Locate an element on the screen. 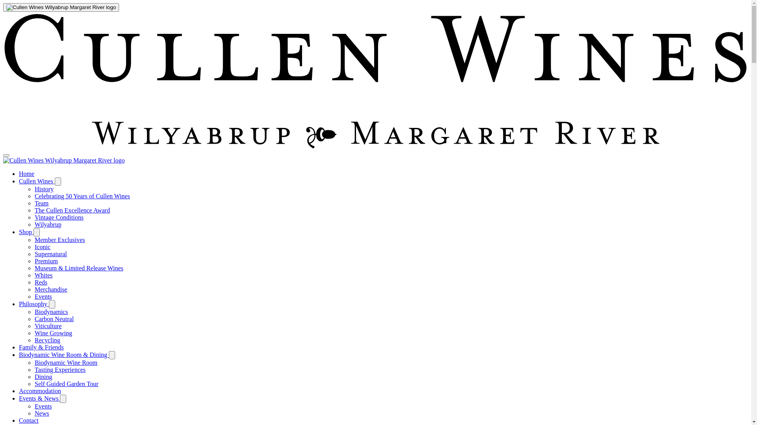 The image size is (757, 425). 'Biodynamic Wine Room' is located at coordinates (66, 362).